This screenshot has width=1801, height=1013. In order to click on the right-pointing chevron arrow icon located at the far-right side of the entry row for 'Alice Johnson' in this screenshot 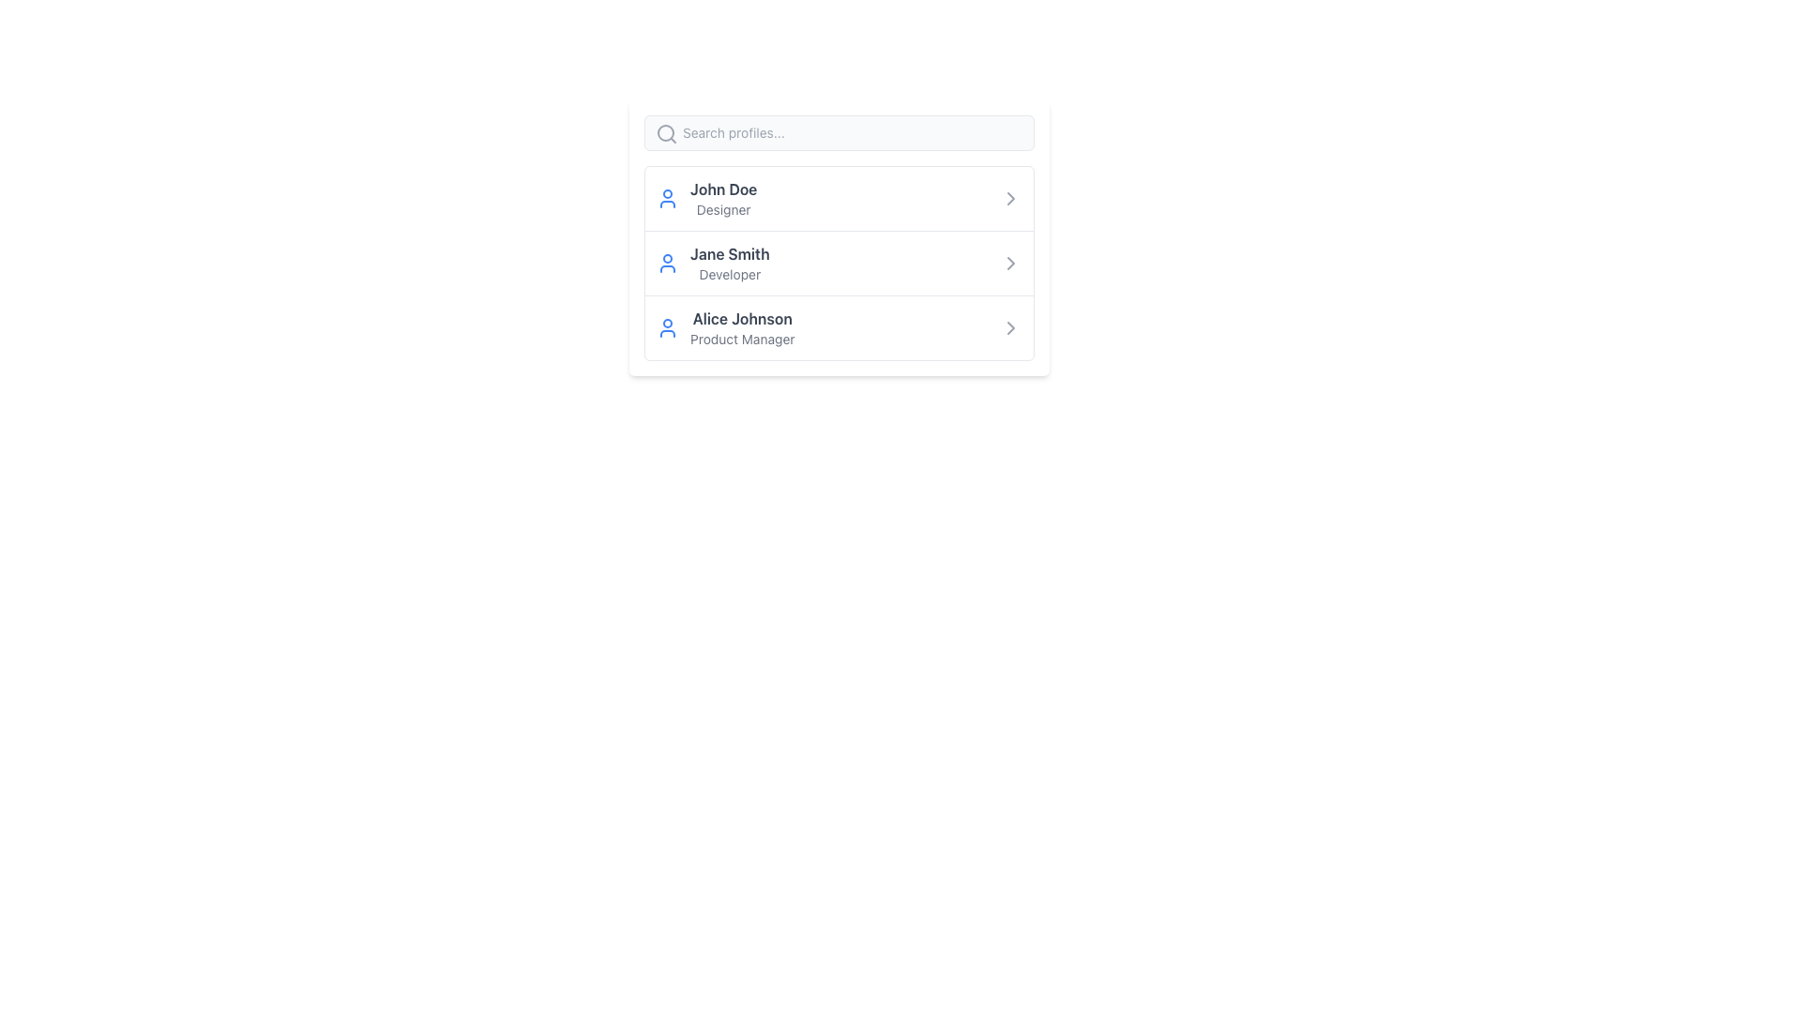, I will do `click(1010, 327)`.